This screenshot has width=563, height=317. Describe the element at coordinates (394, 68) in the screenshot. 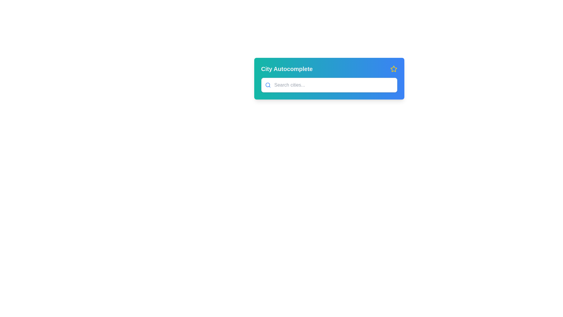

I see `the star icon in the top-right corner of the blue-gradient 'City Autocomplete' card to mark it as a favorite` at that location.